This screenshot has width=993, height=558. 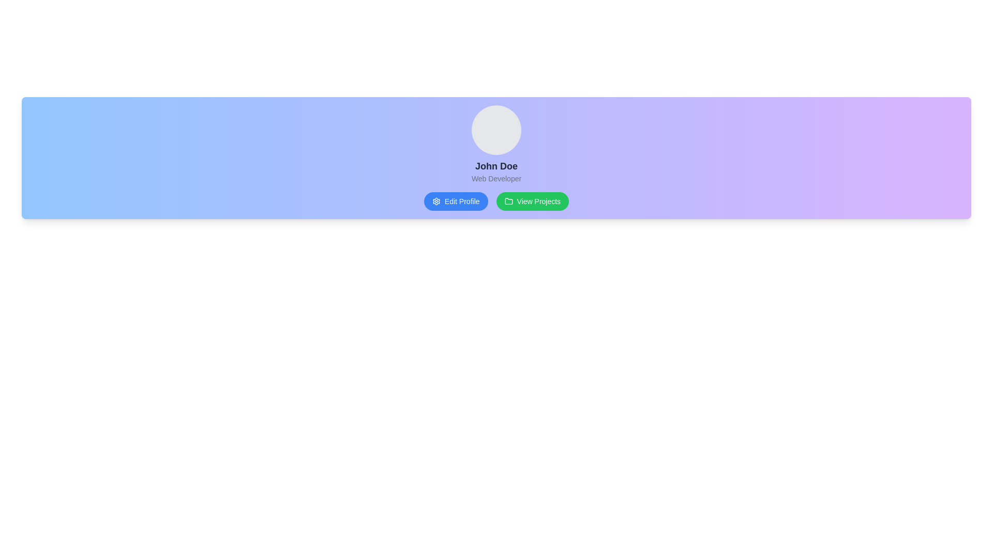 What do you see at coordinates (455, 201) in the screenshot?
I see `the 'Edit Profile' button with rounded edges, blue background, and white text` at bounding box center [455, 201].